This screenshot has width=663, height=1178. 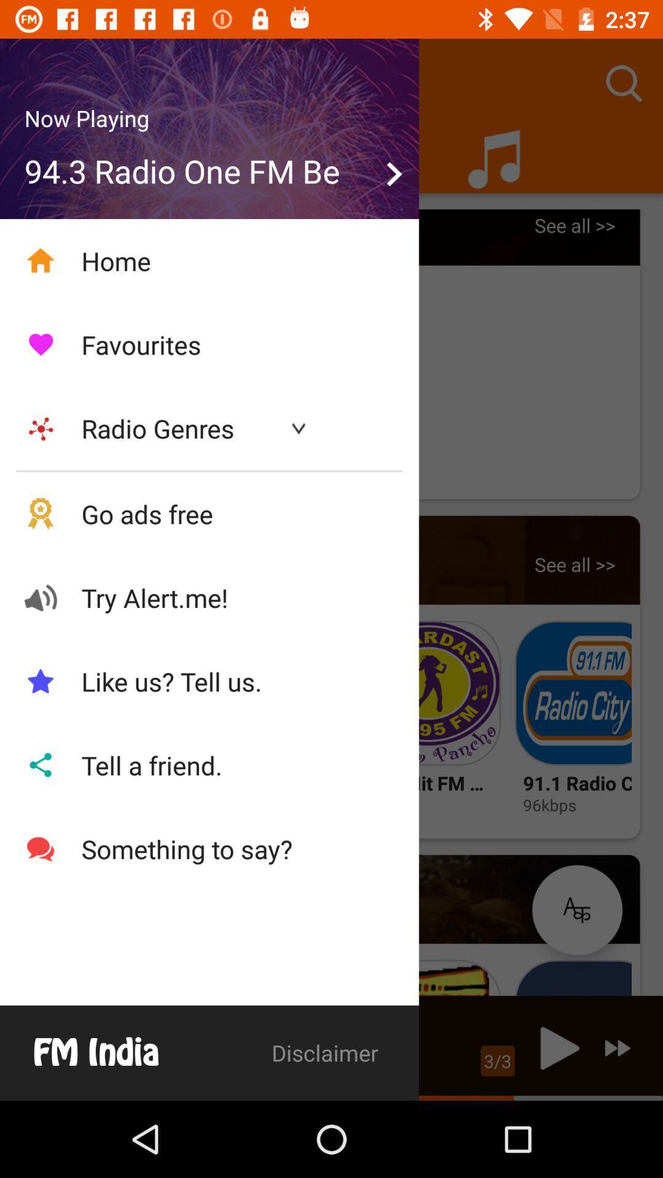 I want to click on the play icon, so click(x=556, y=1047).